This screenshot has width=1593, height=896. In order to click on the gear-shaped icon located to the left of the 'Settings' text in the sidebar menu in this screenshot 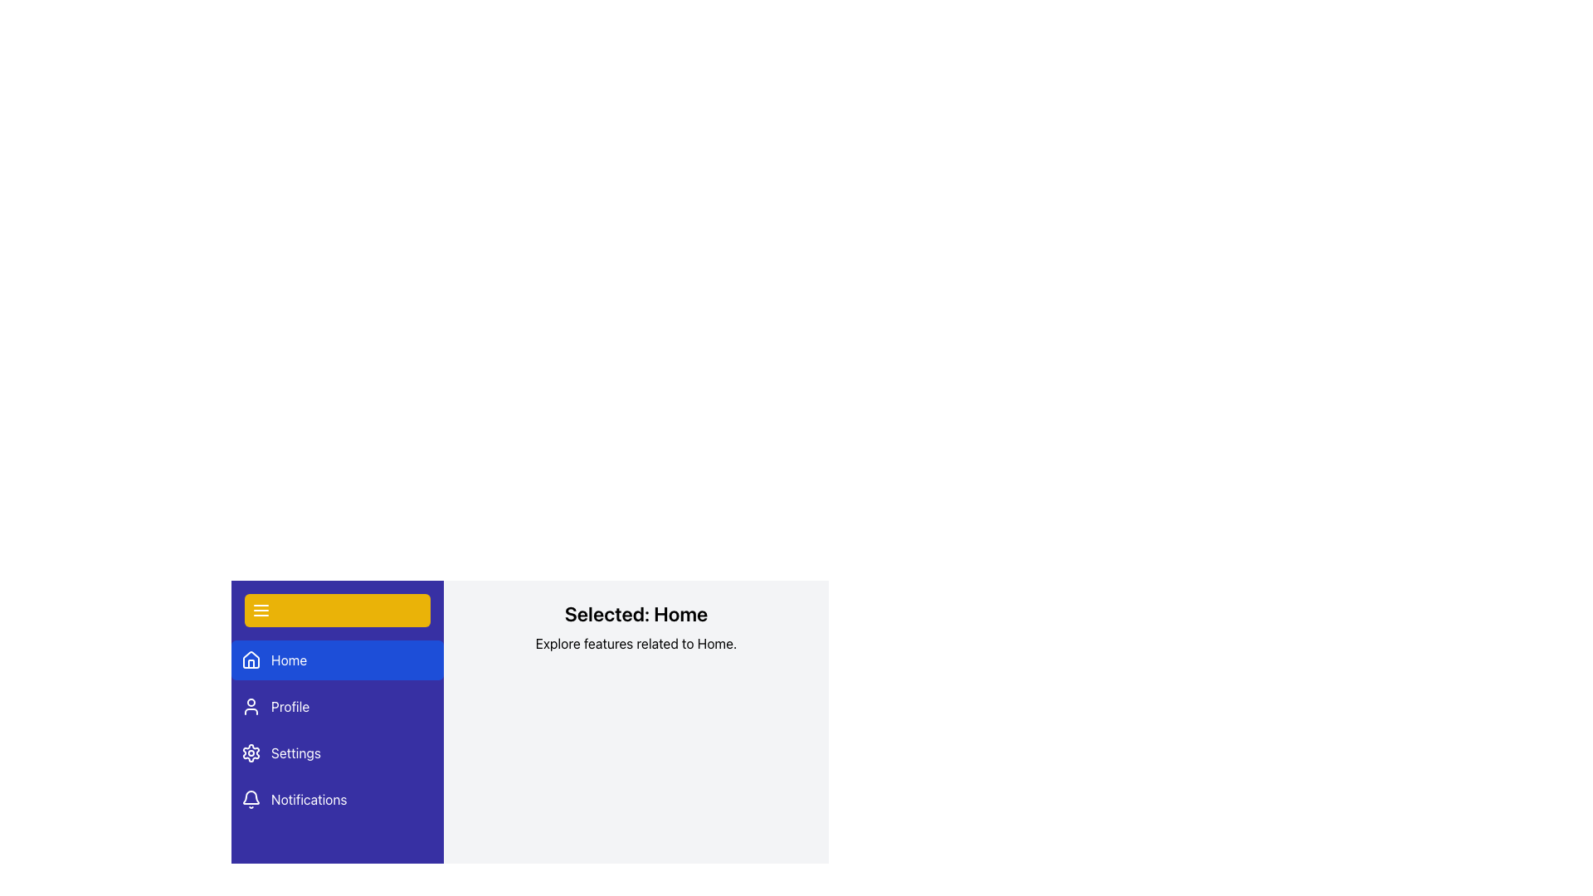, I will do `click(250, 752)`.